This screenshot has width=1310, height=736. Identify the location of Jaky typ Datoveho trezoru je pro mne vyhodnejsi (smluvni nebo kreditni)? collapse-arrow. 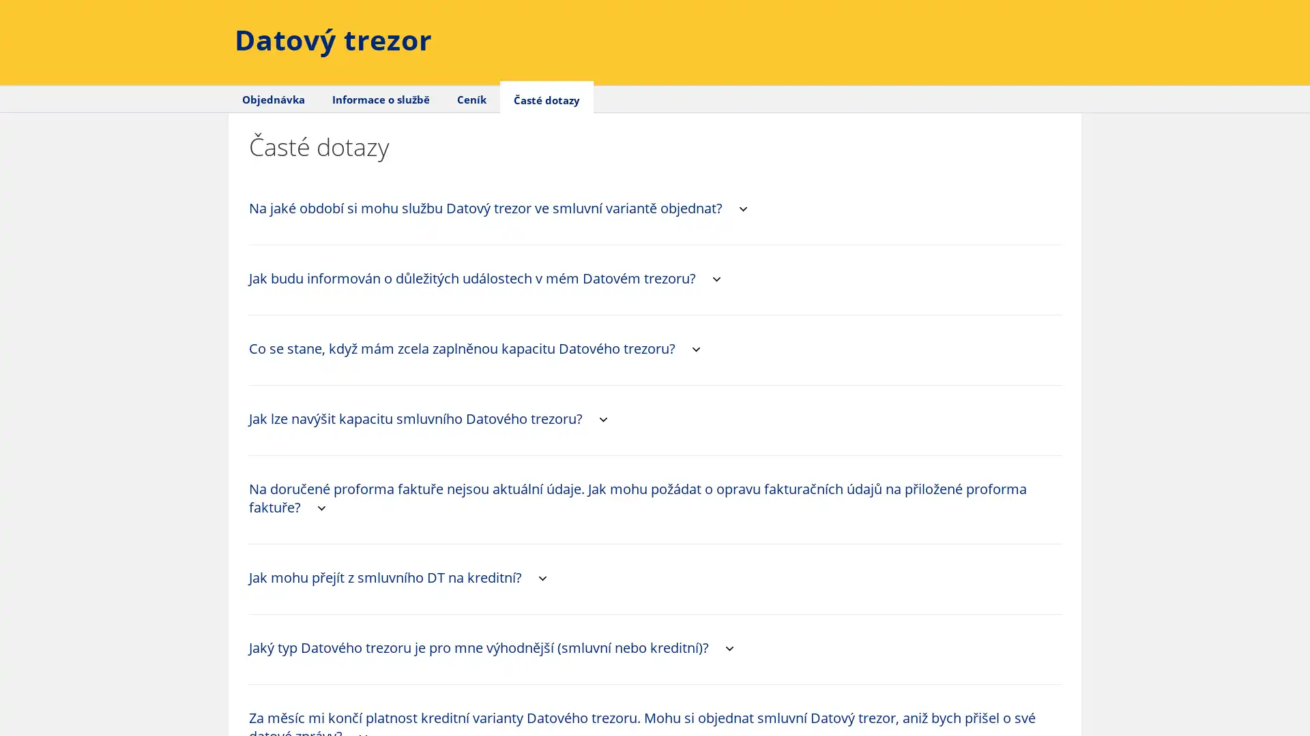
(491, 646).